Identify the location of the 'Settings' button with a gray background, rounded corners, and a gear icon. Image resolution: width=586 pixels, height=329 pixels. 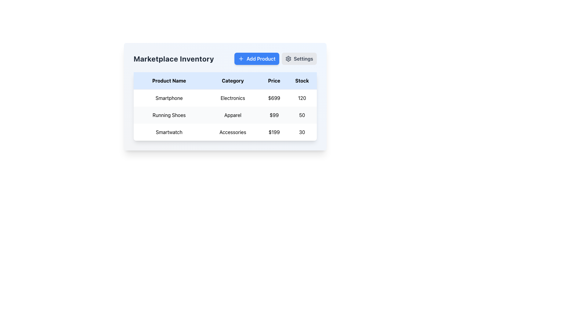
(299, 58).